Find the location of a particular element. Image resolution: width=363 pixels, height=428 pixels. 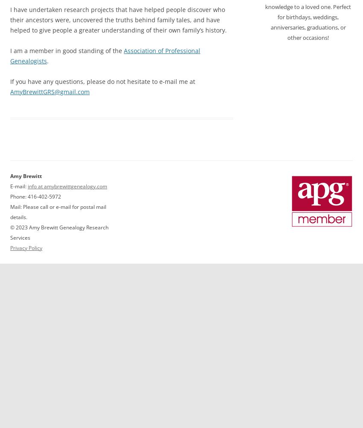

'.' is located at coordinates (47, 60).